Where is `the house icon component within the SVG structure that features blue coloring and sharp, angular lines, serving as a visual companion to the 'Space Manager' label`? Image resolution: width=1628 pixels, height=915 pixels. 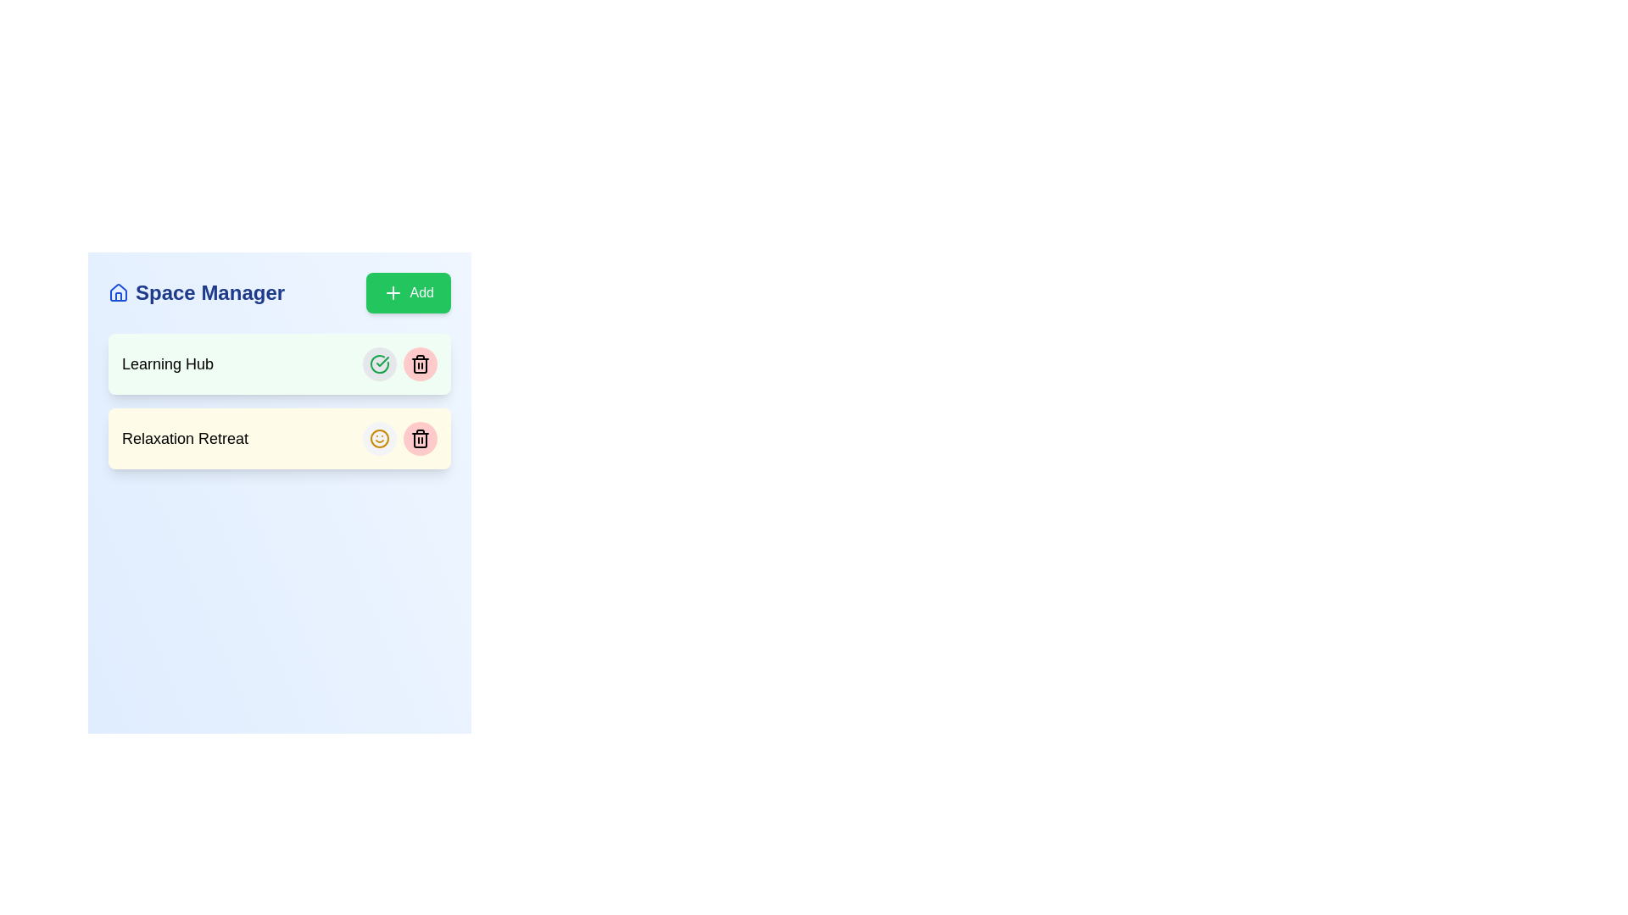 the house icon component within the SVG structure that features blue coloring and sharp, angular lines, serving as a visual companion to the 'Space Manager' label is located at coordinates (117, 291).